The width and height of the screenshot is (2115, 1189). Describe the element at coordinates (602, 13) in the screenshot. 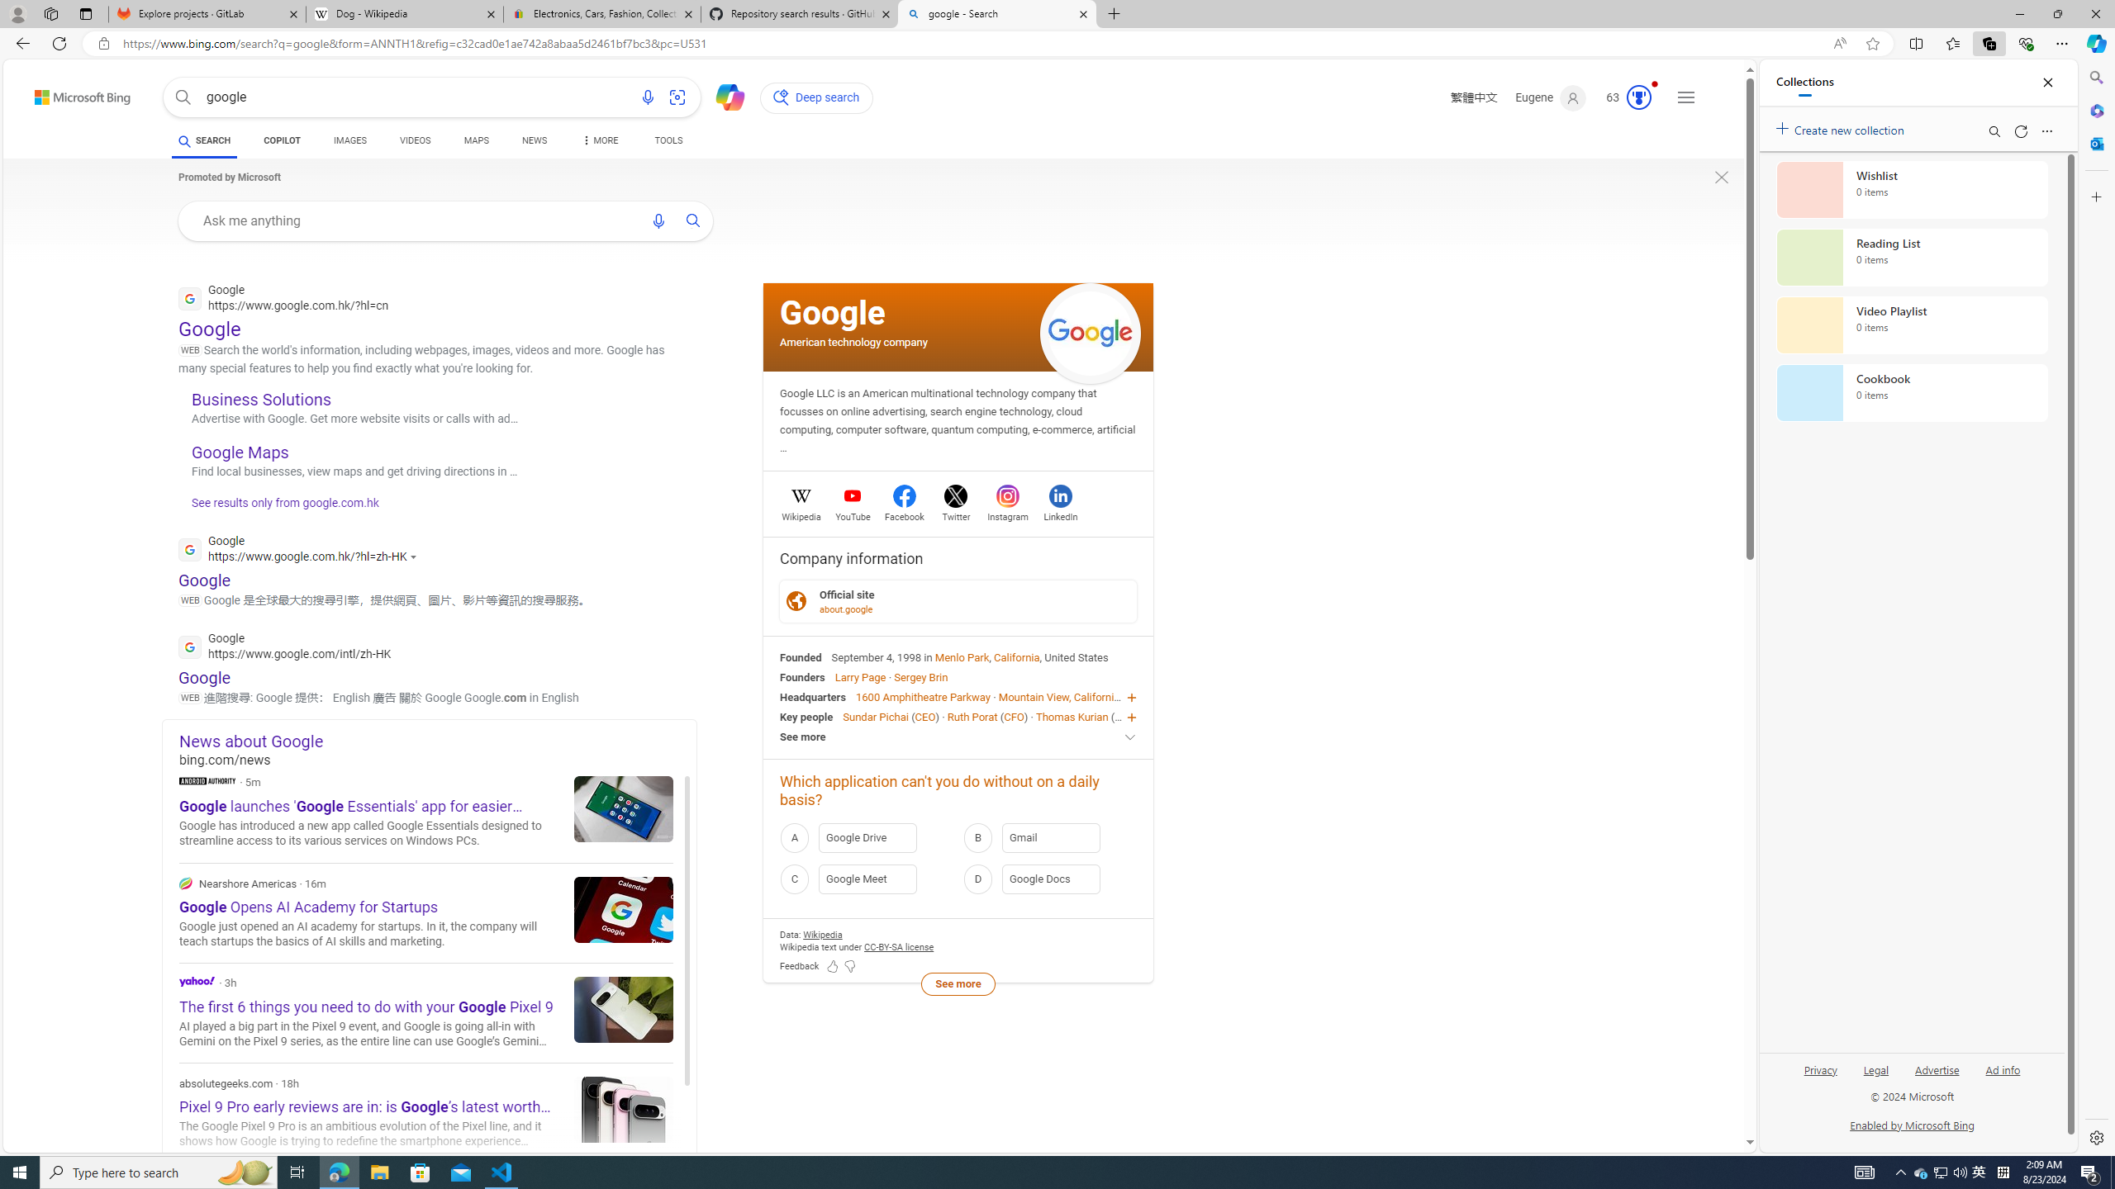

I see `'Electronics, Cars, Fashion, Collectibles & More | eBay'` at that location.